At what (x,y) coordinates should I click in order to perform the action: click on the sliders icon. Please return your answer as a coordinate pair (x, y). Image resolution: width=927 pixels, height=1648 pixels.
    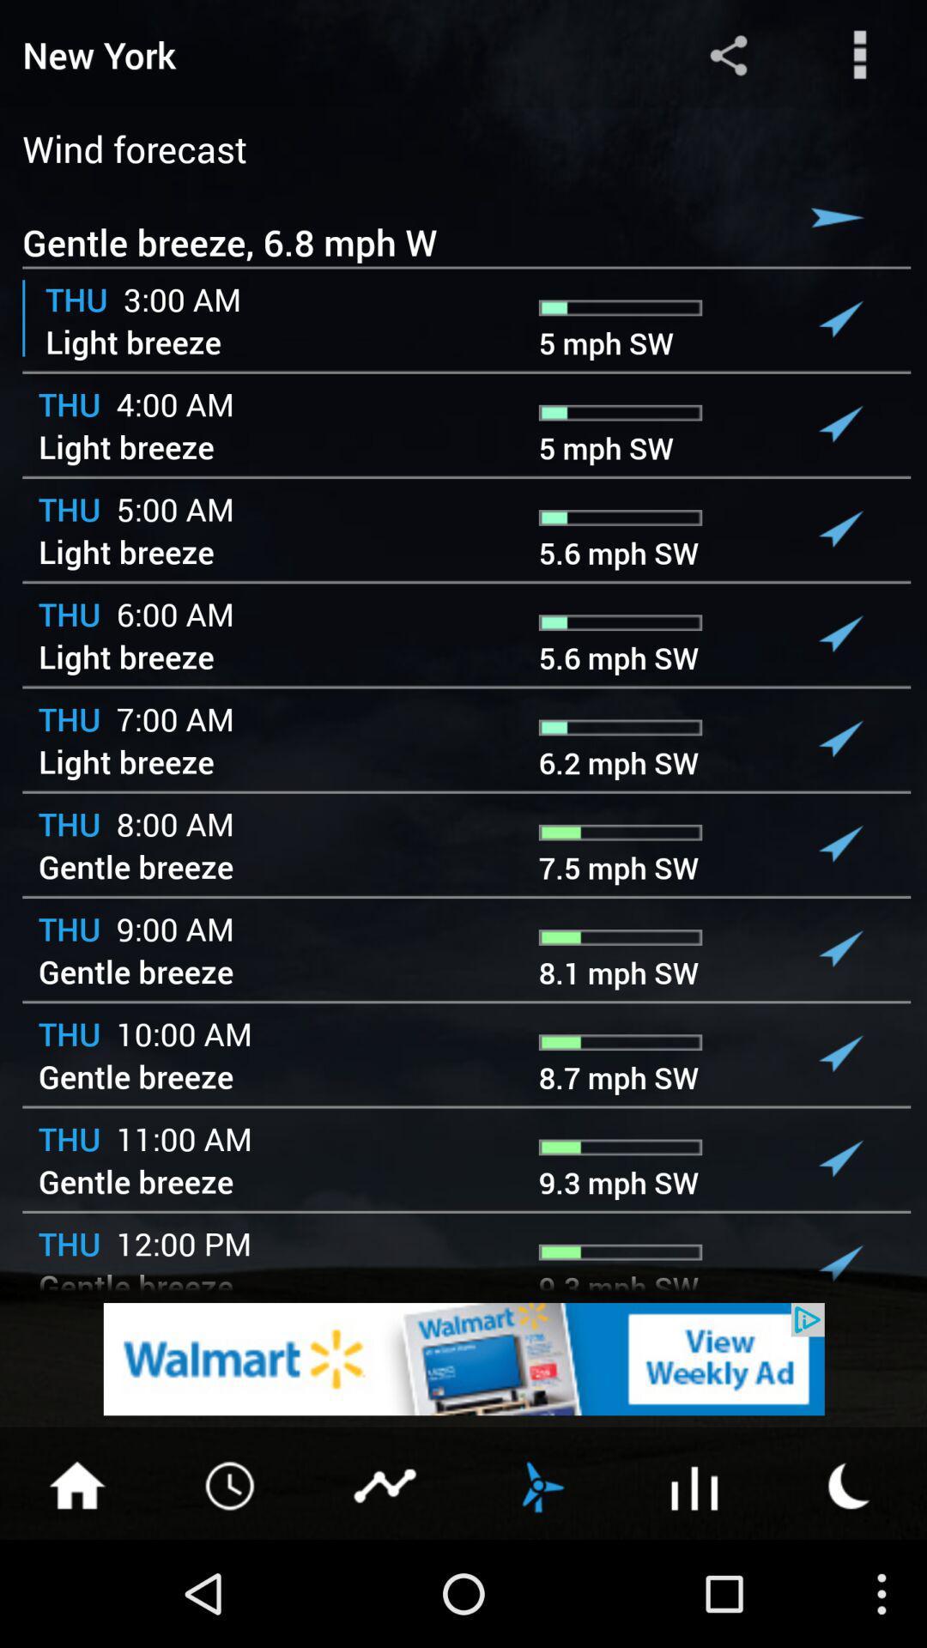
    Looking at the image, I should click on (695, 1587).